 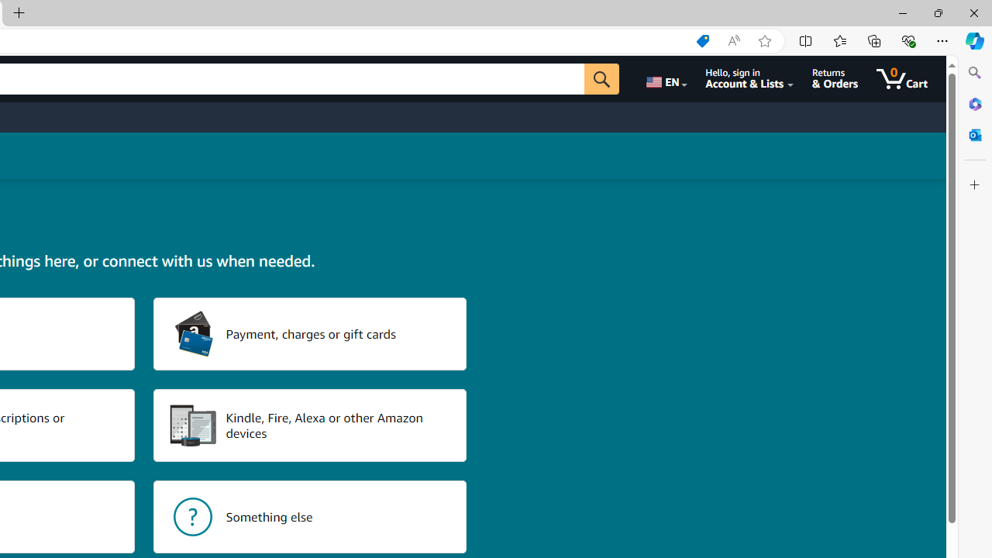 I want to click on '0 items in cart', so click(x=902, y=78).